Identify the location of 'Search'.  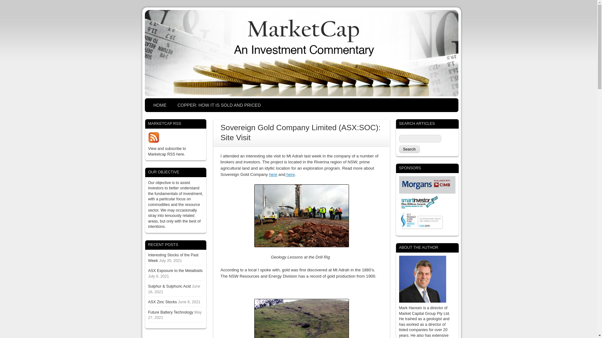
(409, 149).